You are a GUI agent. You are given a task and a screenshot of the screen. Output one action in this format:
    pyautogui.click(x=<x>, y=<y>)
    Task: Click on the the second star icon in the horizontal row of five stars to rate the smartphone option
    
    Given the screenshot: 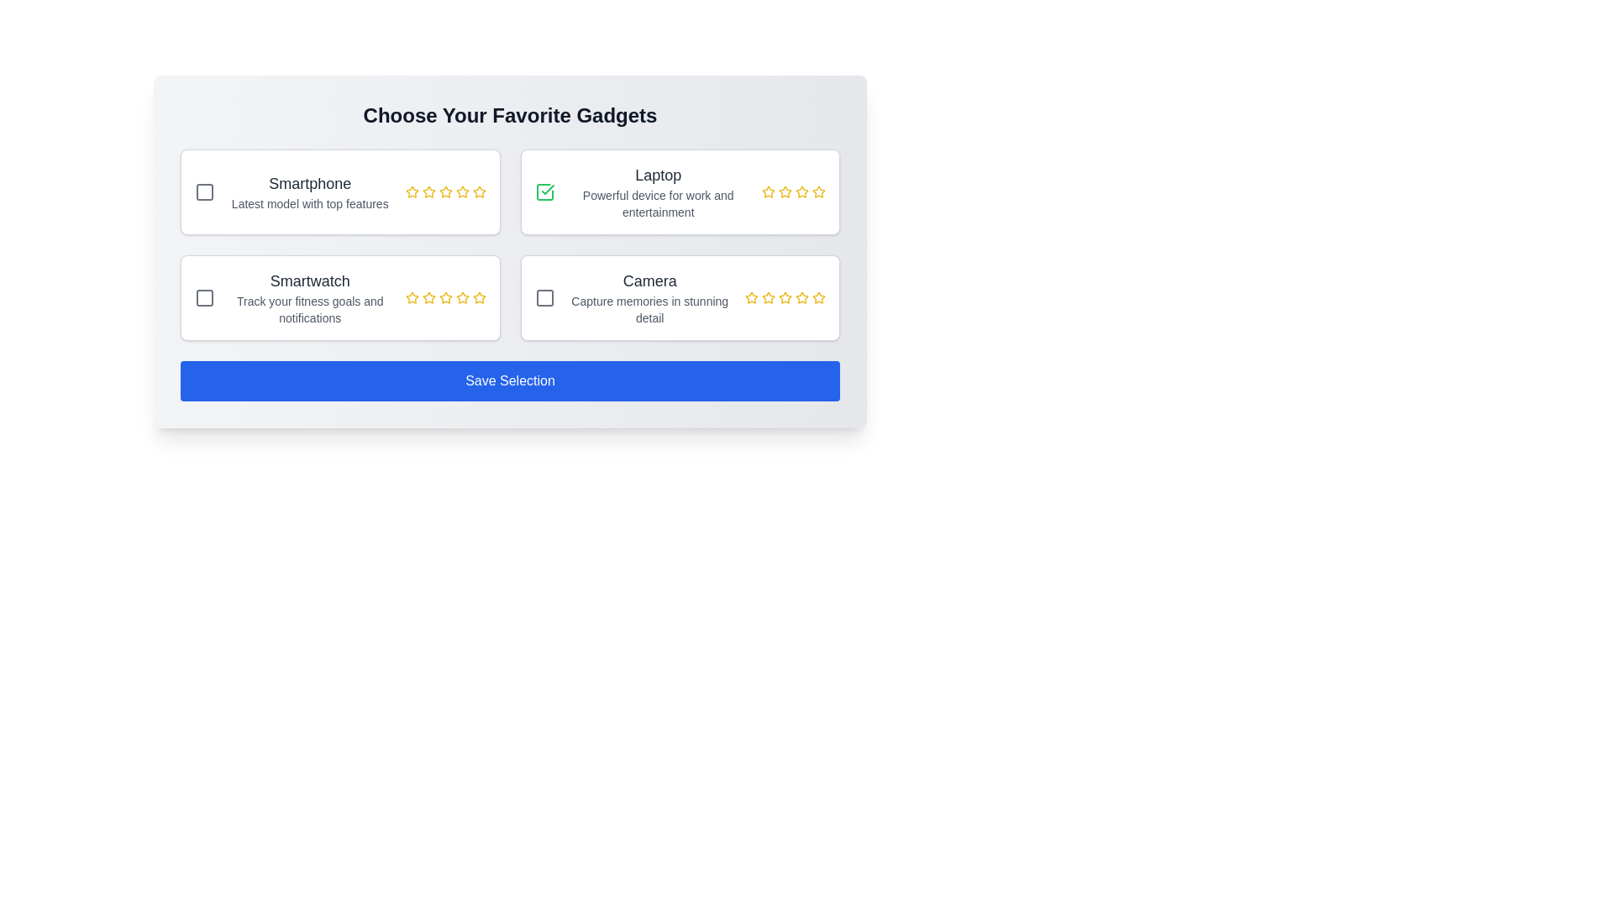 What is the action you would take?
    pyautogui.click(x=428, y=191)
    